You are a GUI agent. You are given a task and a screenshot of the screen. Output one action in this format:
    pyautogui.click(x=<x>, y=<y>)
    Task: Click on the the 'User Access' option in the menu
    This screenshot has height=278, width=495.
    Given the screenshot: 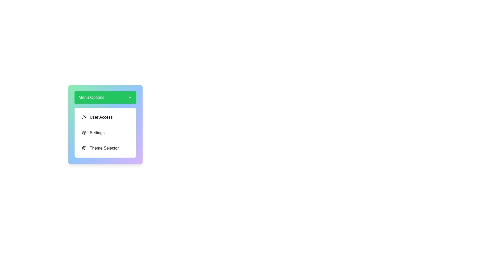 What is the action you would take?
    pyautogui.click(x=105, y=117)
    